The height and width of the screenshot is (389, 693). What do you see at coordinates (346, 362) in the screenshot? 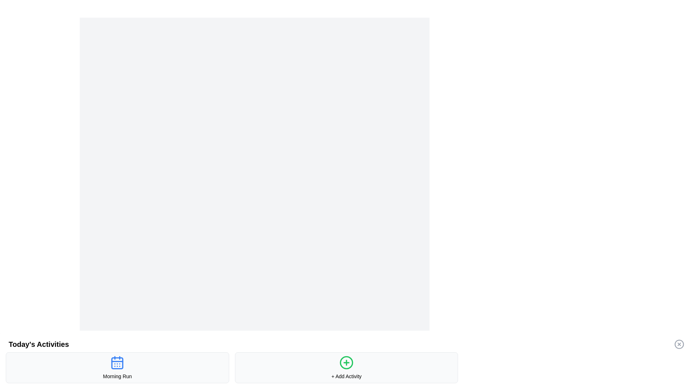
I see `the circular element of the '+ Add Activity' button, which is part of a graphical icon indicating the action of adding or creating a new activity` at bounding box center [346, 362].